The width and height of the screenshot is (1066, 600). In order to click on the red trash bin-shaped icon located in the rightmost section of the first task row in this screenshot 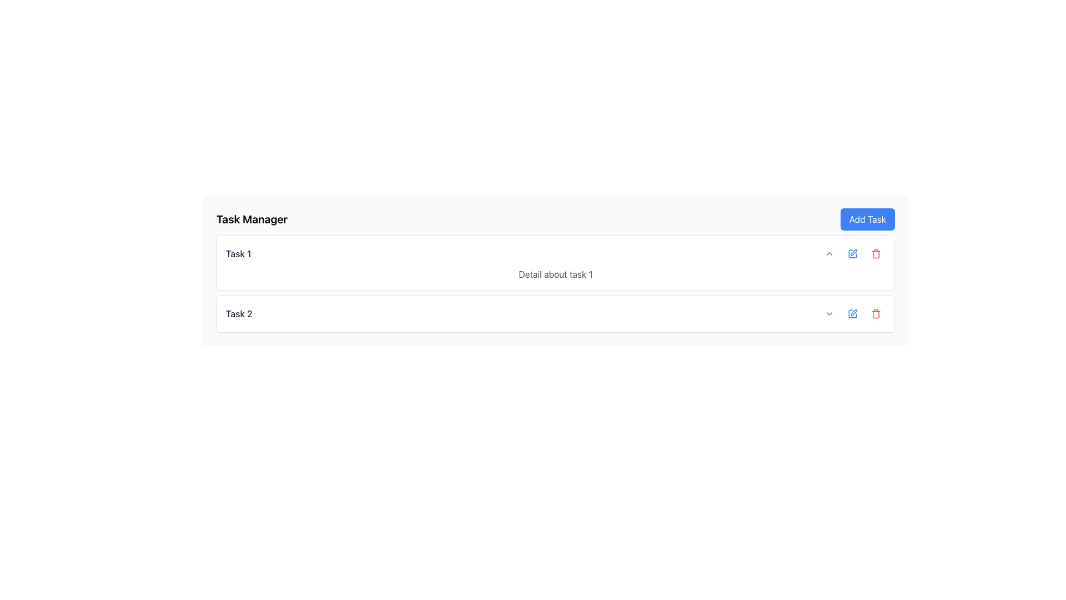, I will do `click(876, 253)`.